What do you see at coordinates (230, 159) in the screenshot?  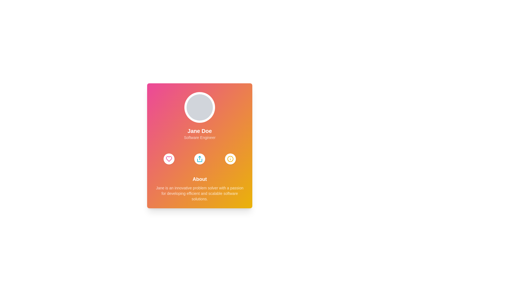 I see `the circular element with a yellow border, located at the center of an information or help icon below the user's profile section` at bounding box center [230, 159].